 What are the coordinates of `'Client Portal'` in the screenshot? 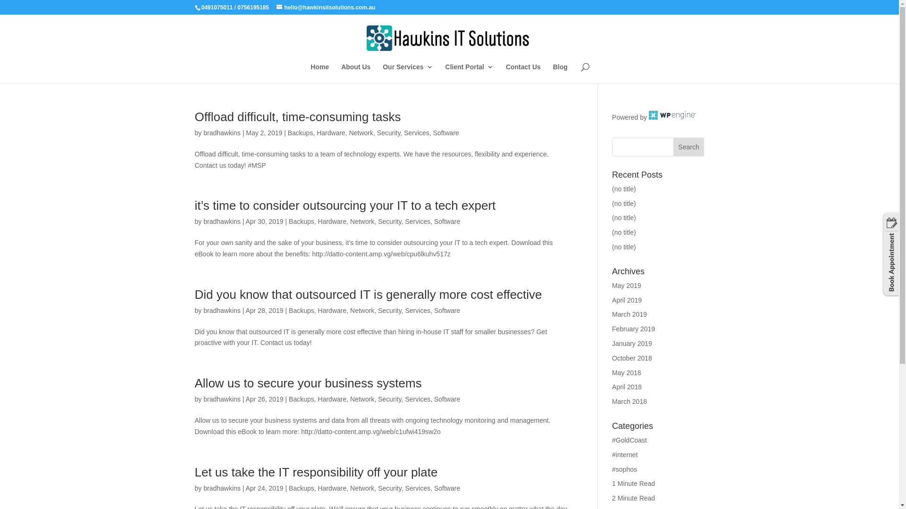 It's located at (469, 73).